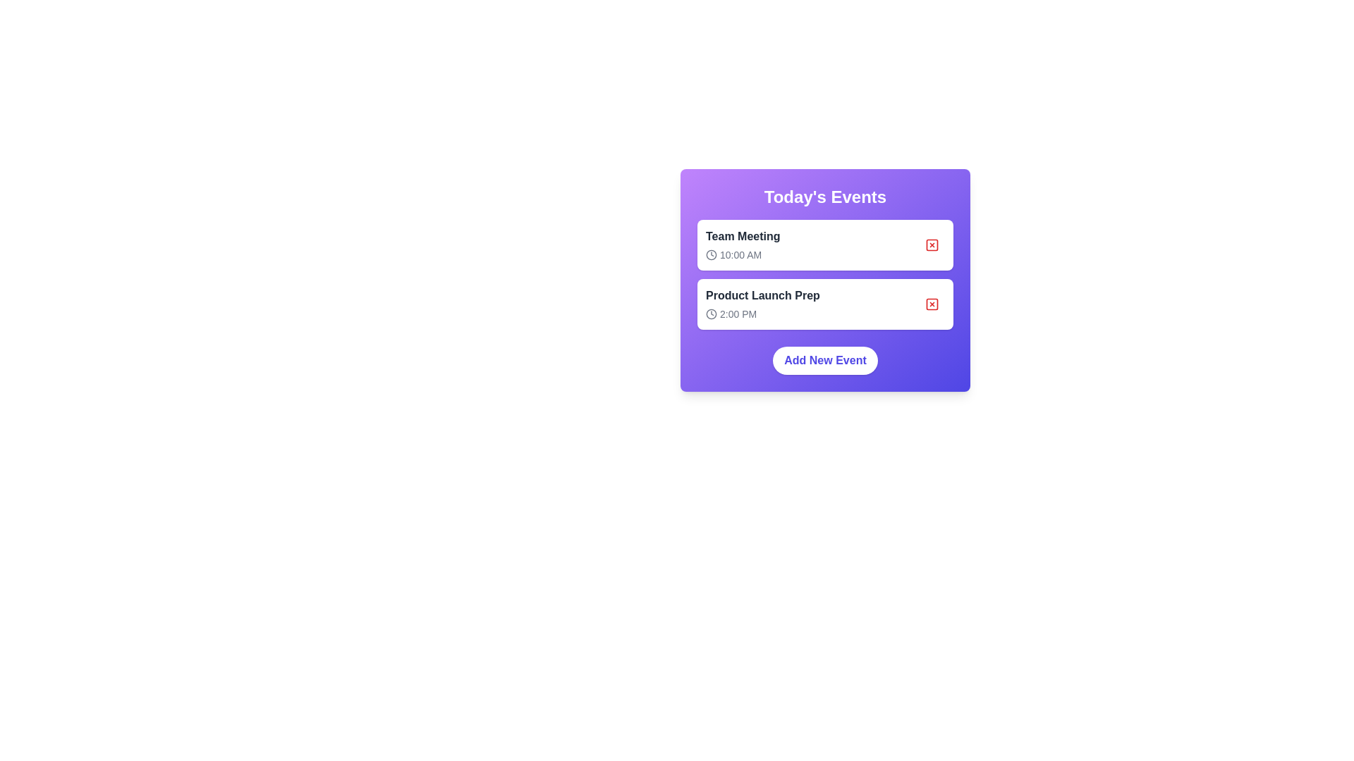 Image resolution: width=1354 pixels, height=761 pixels. I want to click on the red-filled square with rounded corners that serves as the outer boundary of the delete icon in the 'Product Launch Prep' event, located near the right edge of the event block, so click(932, 304).